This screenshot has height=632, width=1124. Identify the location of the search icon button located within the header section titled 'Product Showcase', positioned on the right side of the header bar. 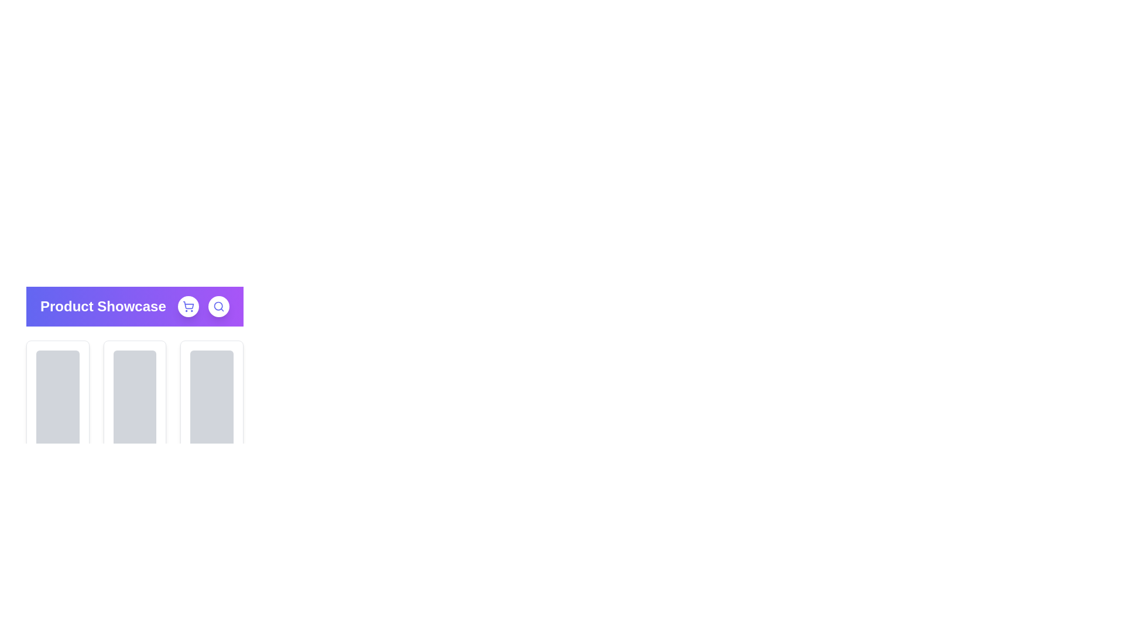
(203, 306).